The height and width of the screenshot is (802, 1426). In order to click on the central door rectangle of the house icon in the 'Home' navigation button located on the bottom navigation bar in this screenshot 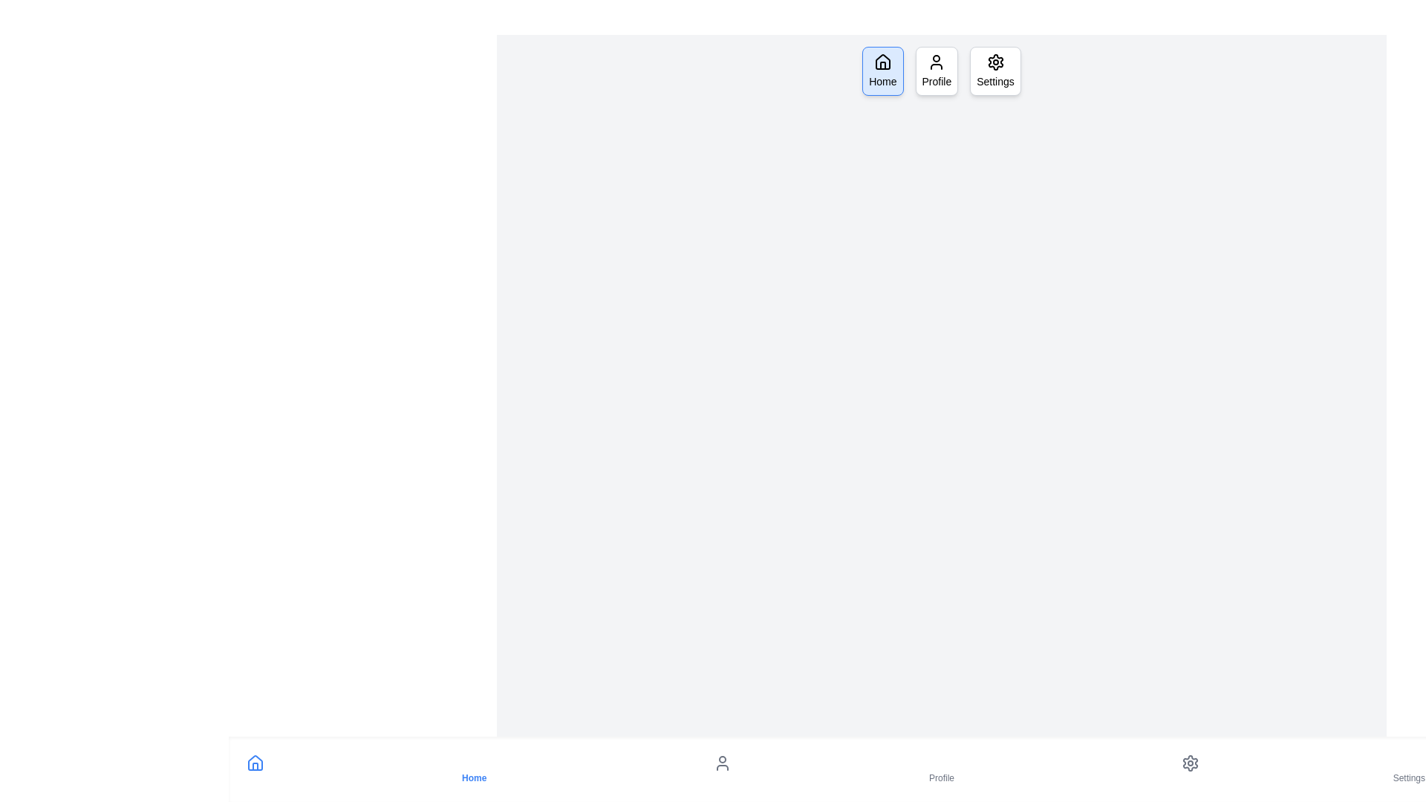, I will do `click(255, 766)`.